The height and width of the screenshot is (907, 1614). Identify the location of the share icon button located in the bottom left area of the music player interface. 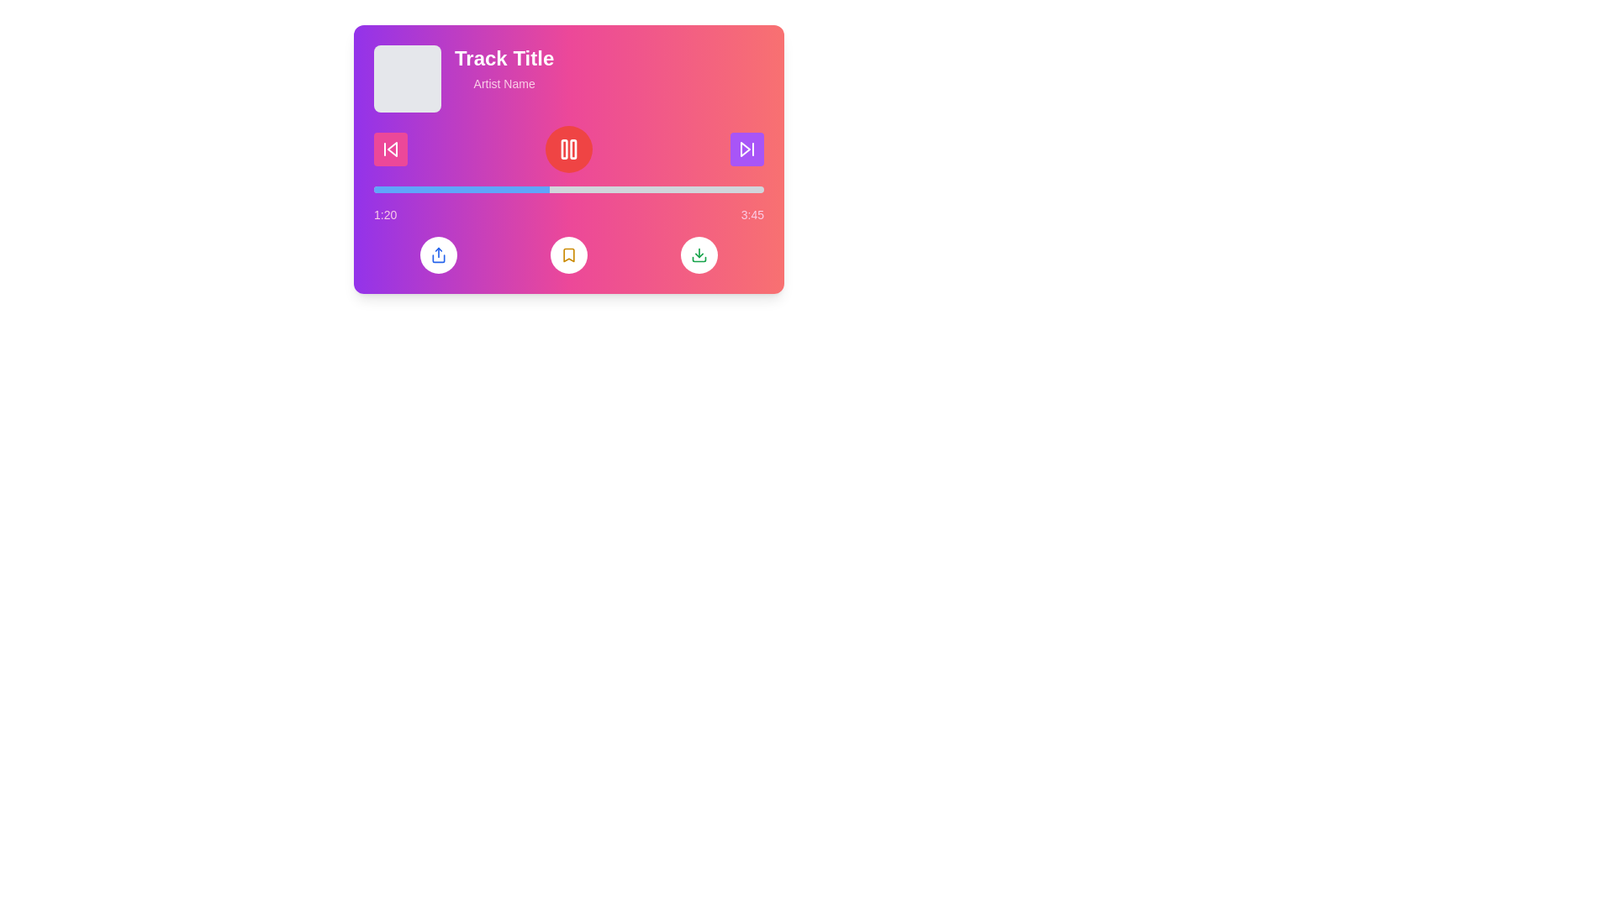
(439, 255).